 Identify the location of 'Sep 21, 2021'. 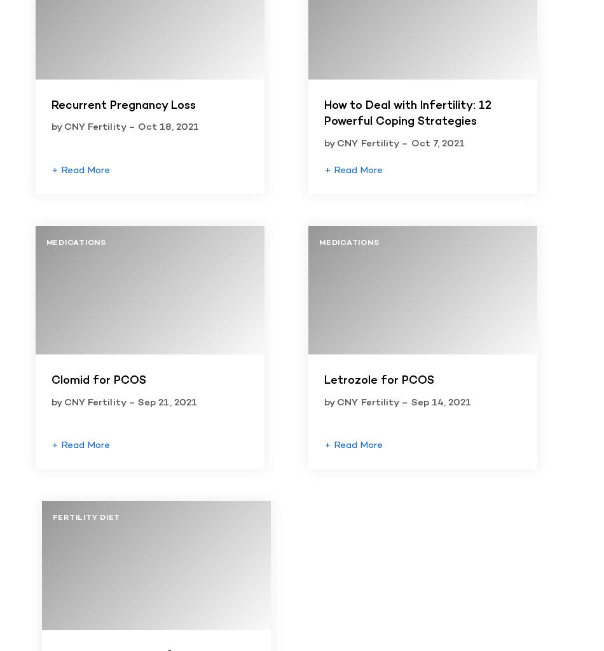
(167, 402).